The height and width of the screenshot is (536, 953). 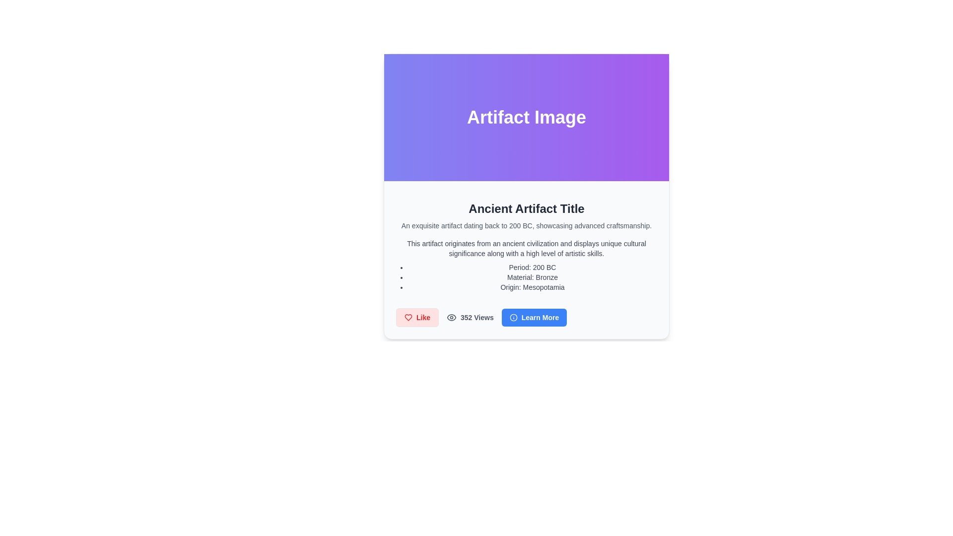 What do you see at coordinates (526, 277) in the screenshot?
I see `information presented in the bullet point list containing entries about the artifact, specifically 'Period: 200 BC', 'Material: Bronze', and 'Origin: Mesopotamia'. This list is styled in gray and is positioned below the main description text` at bounding box center [526, 277].